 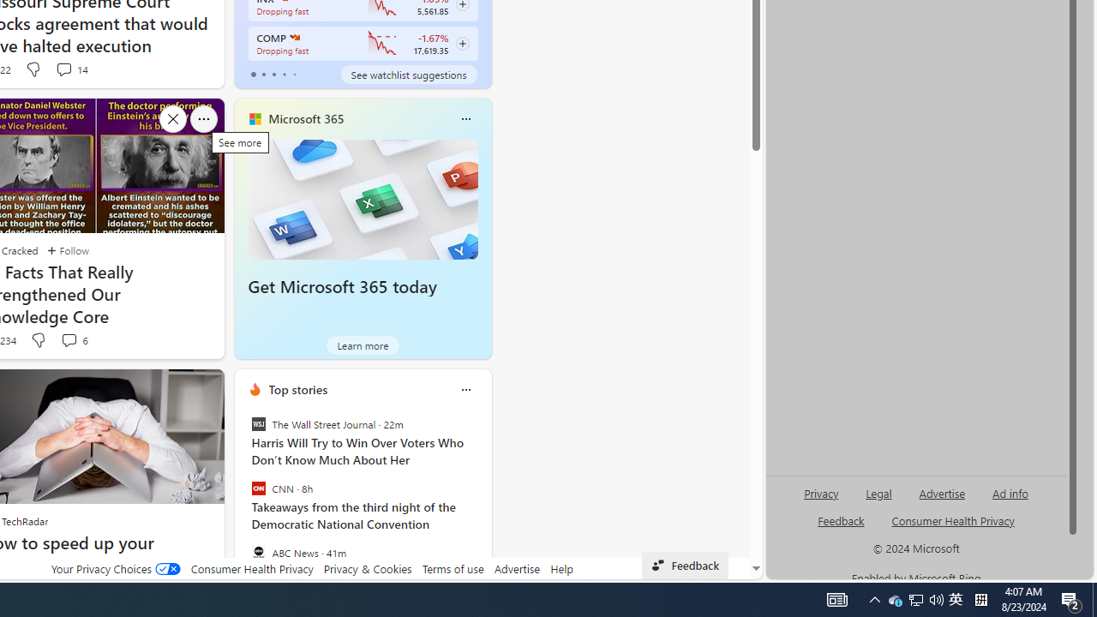 What do you see at coordinates (262, 74) in the screenshot?
I see `'tab-1'` at bounding box center [262, 74].